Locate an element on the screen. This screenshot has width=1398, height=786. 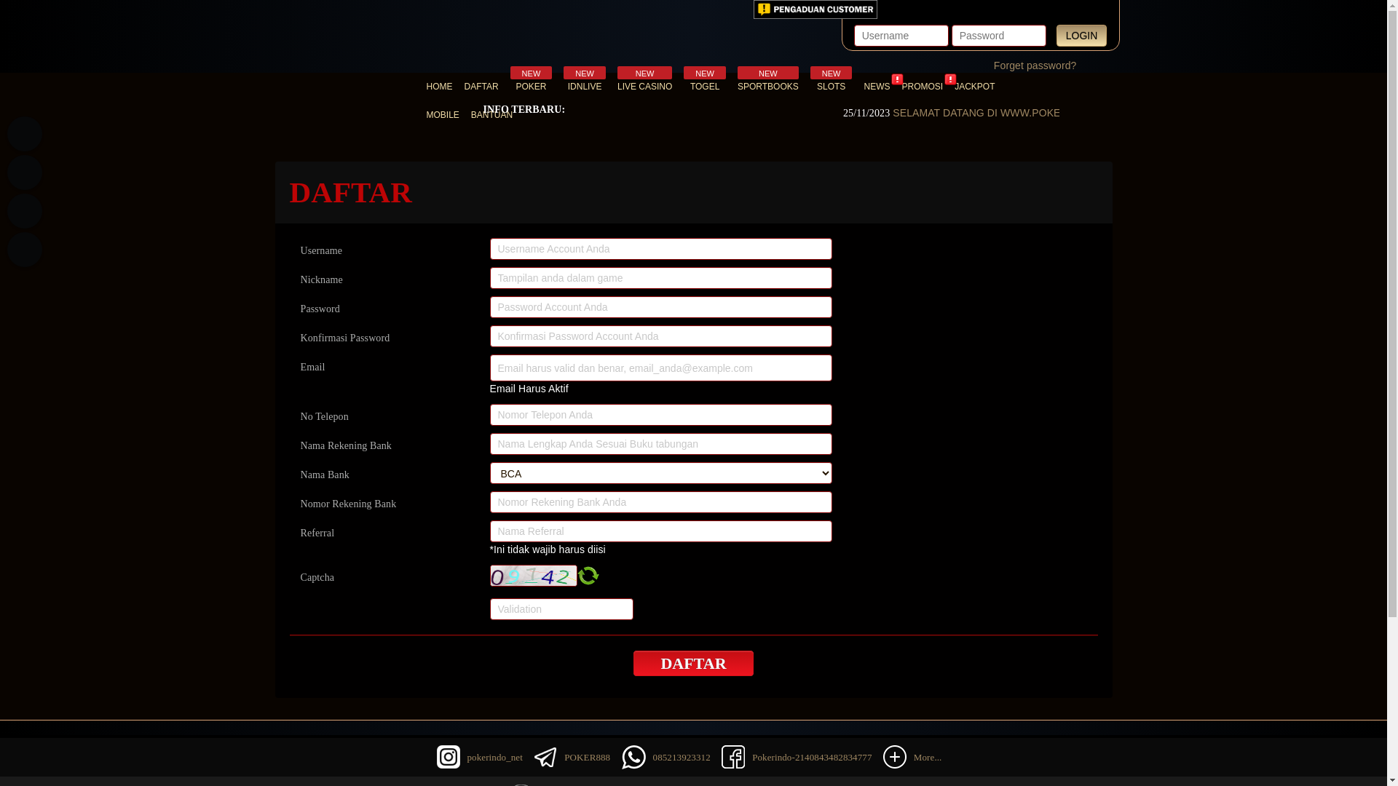
'NEW is located at coordinates (677, 87).